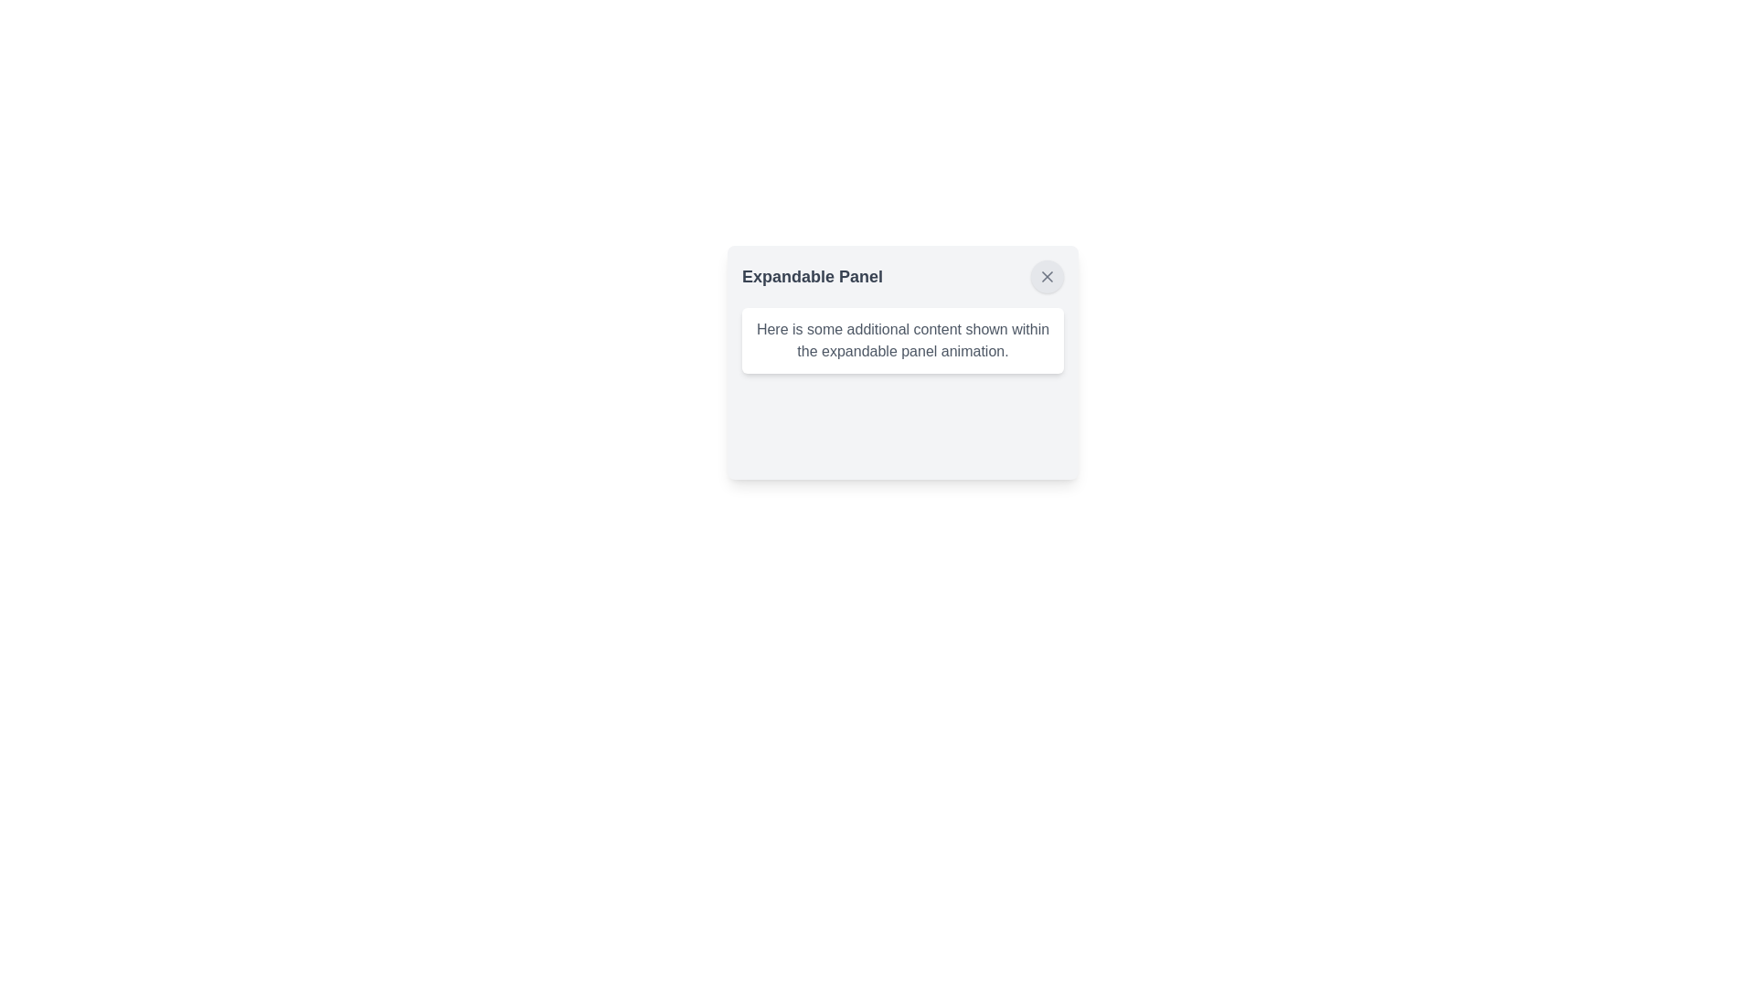 Image resolution: width=1755 pixels, height=987 pixels. What do you see at coordinates (1048, 277) in the screenshot?
I see `the circular gray button with an 'X' icon at its center` at bounding box center [1048, 277].